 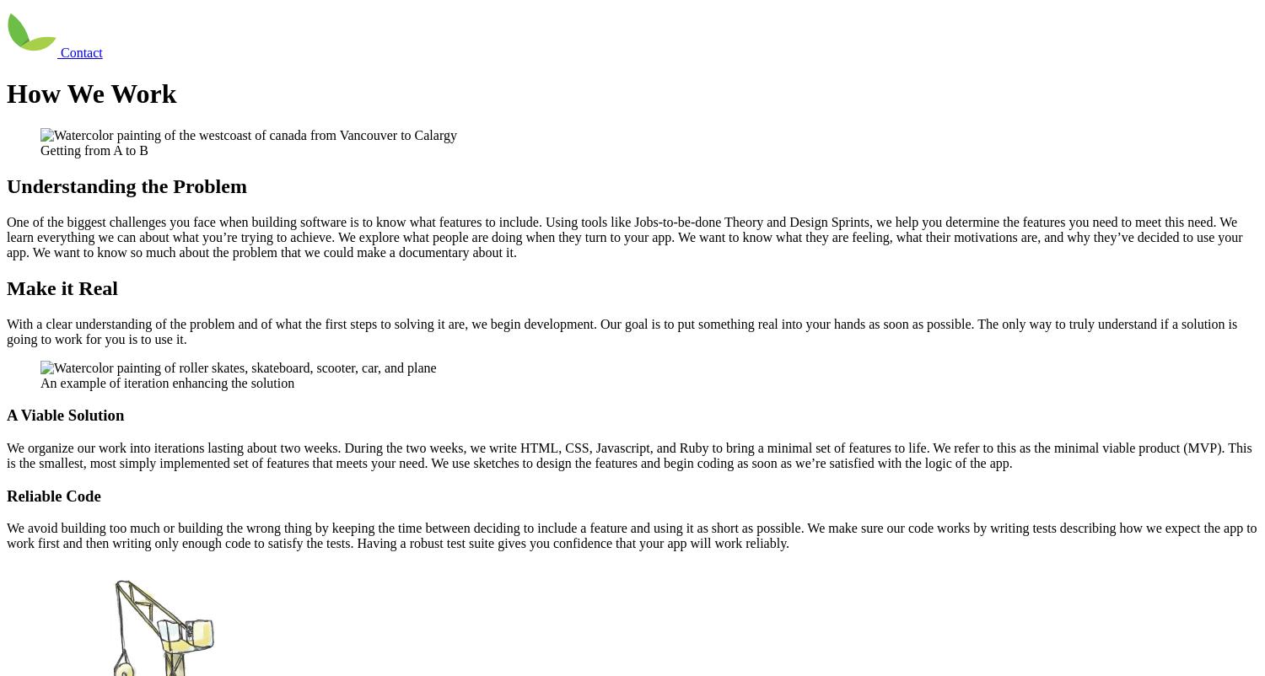 What do you see at coordinates (6, 415) in the screenshot?
I see `'A Viable Solution'` at bounding box center [6, 415].